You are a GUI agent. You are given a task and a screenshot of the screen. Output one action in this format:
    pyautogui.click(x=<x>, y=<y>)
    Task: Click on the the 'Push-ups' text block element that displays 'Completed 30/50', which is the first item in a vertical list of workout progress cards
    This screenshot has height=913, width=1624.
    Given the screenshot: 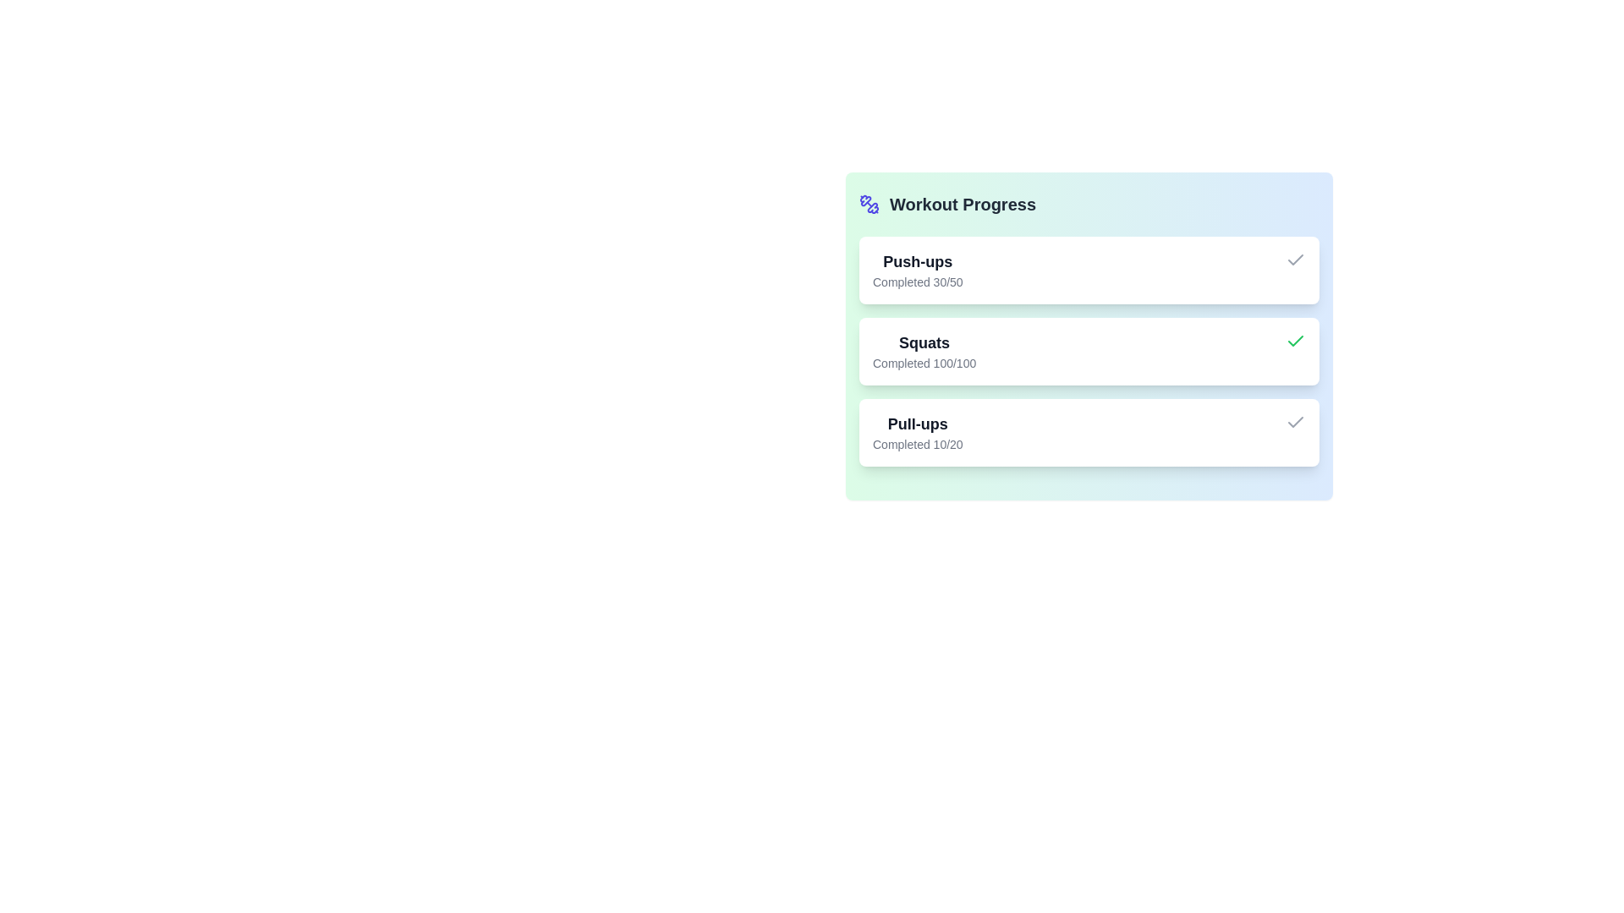 What is the action you would take?
    pyautogui.click(x=917, y=270)
    